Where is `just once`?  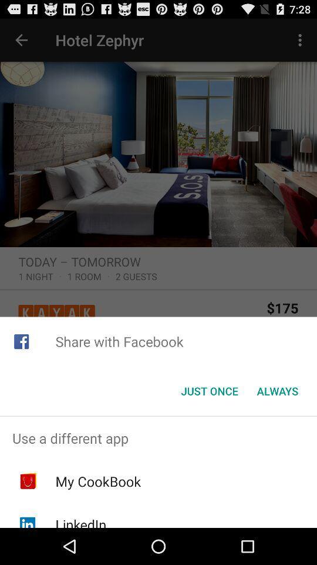 just once is located at coordinates (209, 391).